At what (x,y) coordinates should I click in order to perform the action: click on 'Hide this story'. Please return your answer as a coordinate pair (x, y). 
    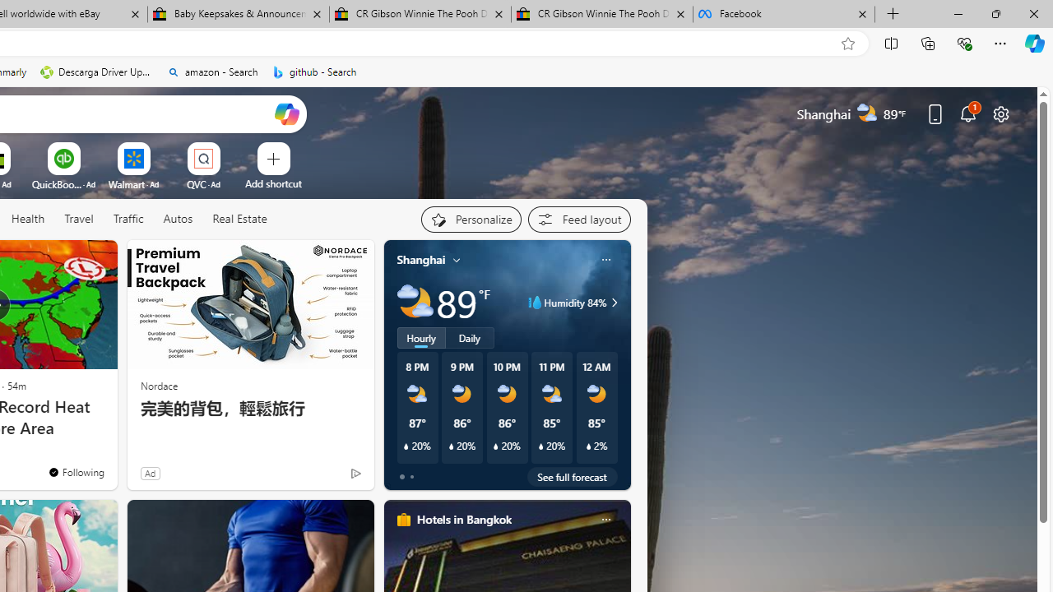
    Looking at the image, I should click on (67, 259).